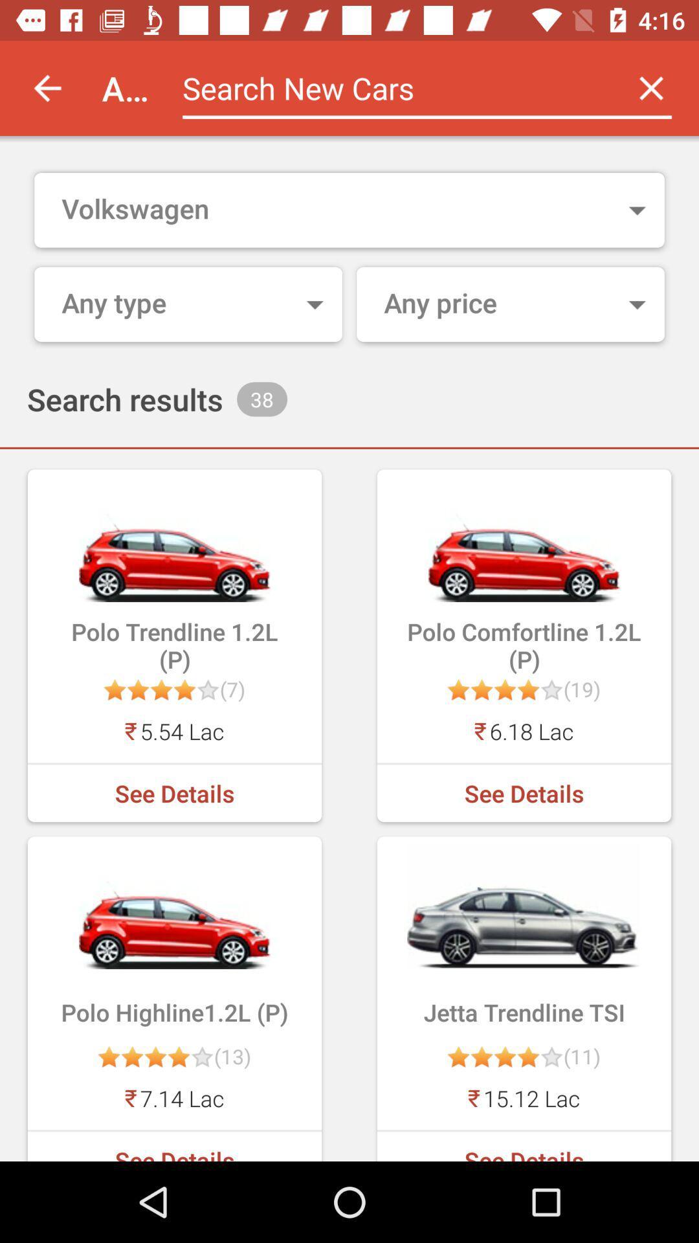 This screenshot has height=1243, width=699. Describe the element at coordinates (392, 87) in the screenshot. I see `search` at that location.